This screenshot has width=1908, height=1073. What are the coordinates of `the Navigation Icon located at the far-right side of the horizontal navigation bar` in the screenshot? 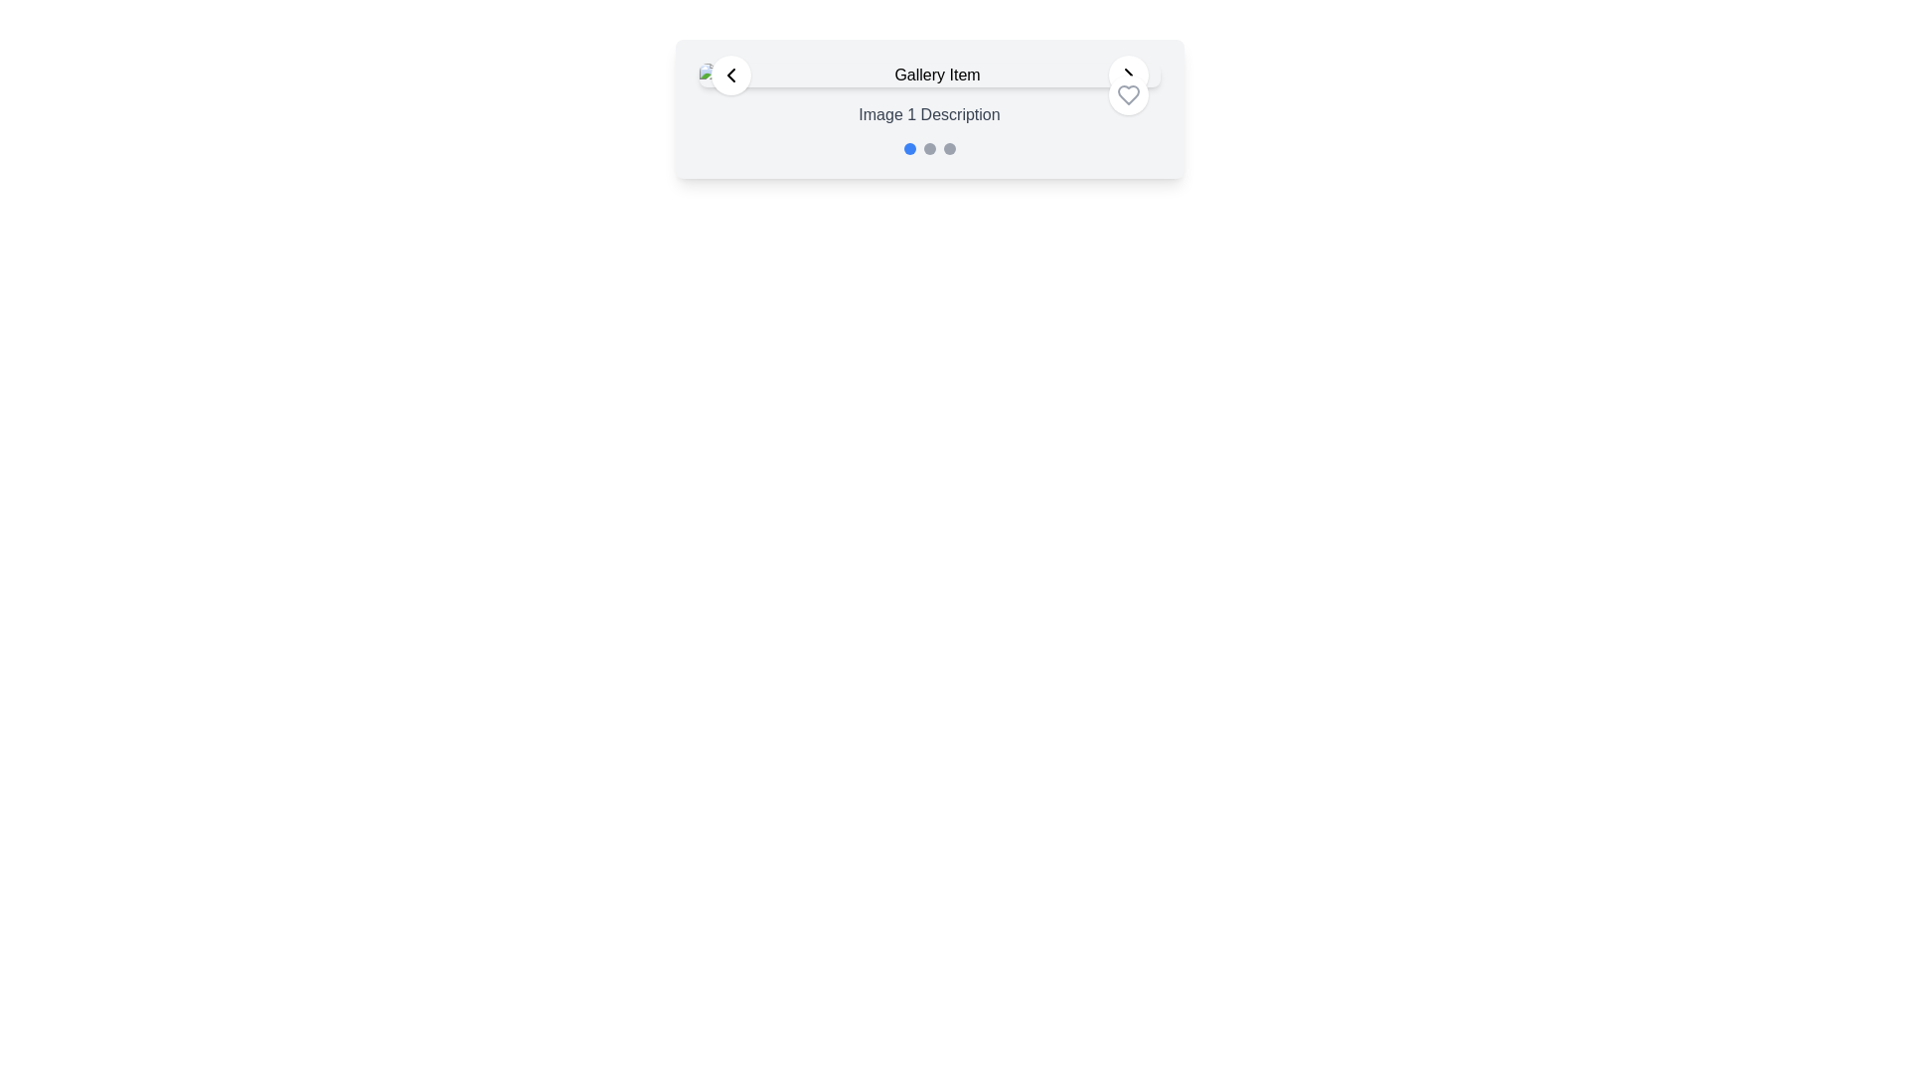 It's located at (1128, 75).